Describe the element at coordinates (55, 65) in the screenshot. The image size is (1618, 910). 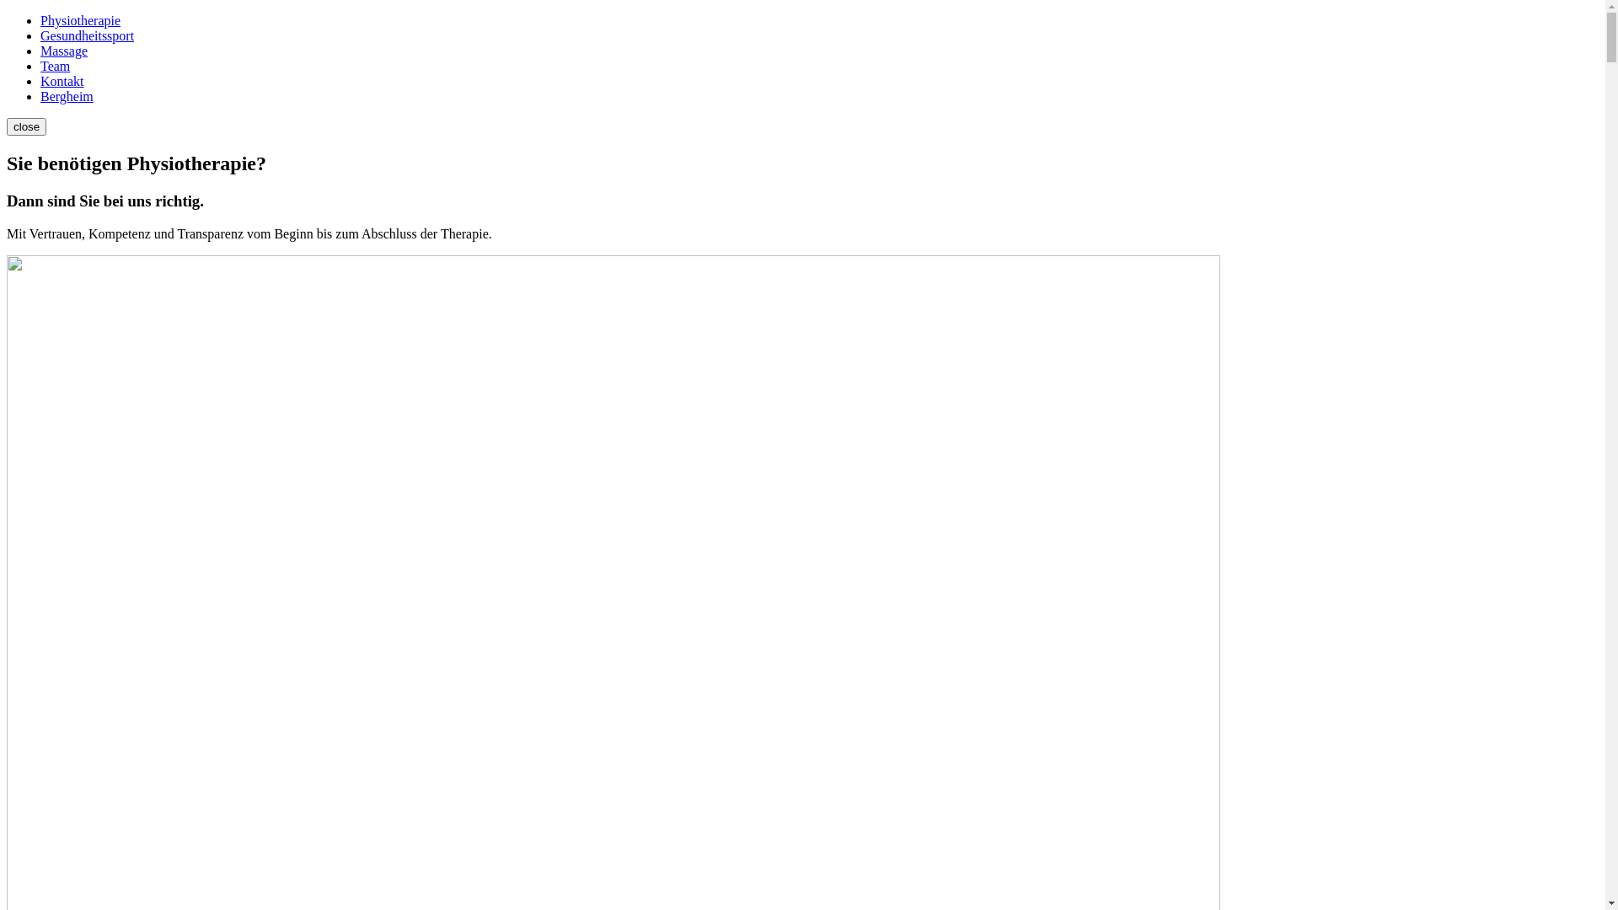
I see `'Team'` at that location.